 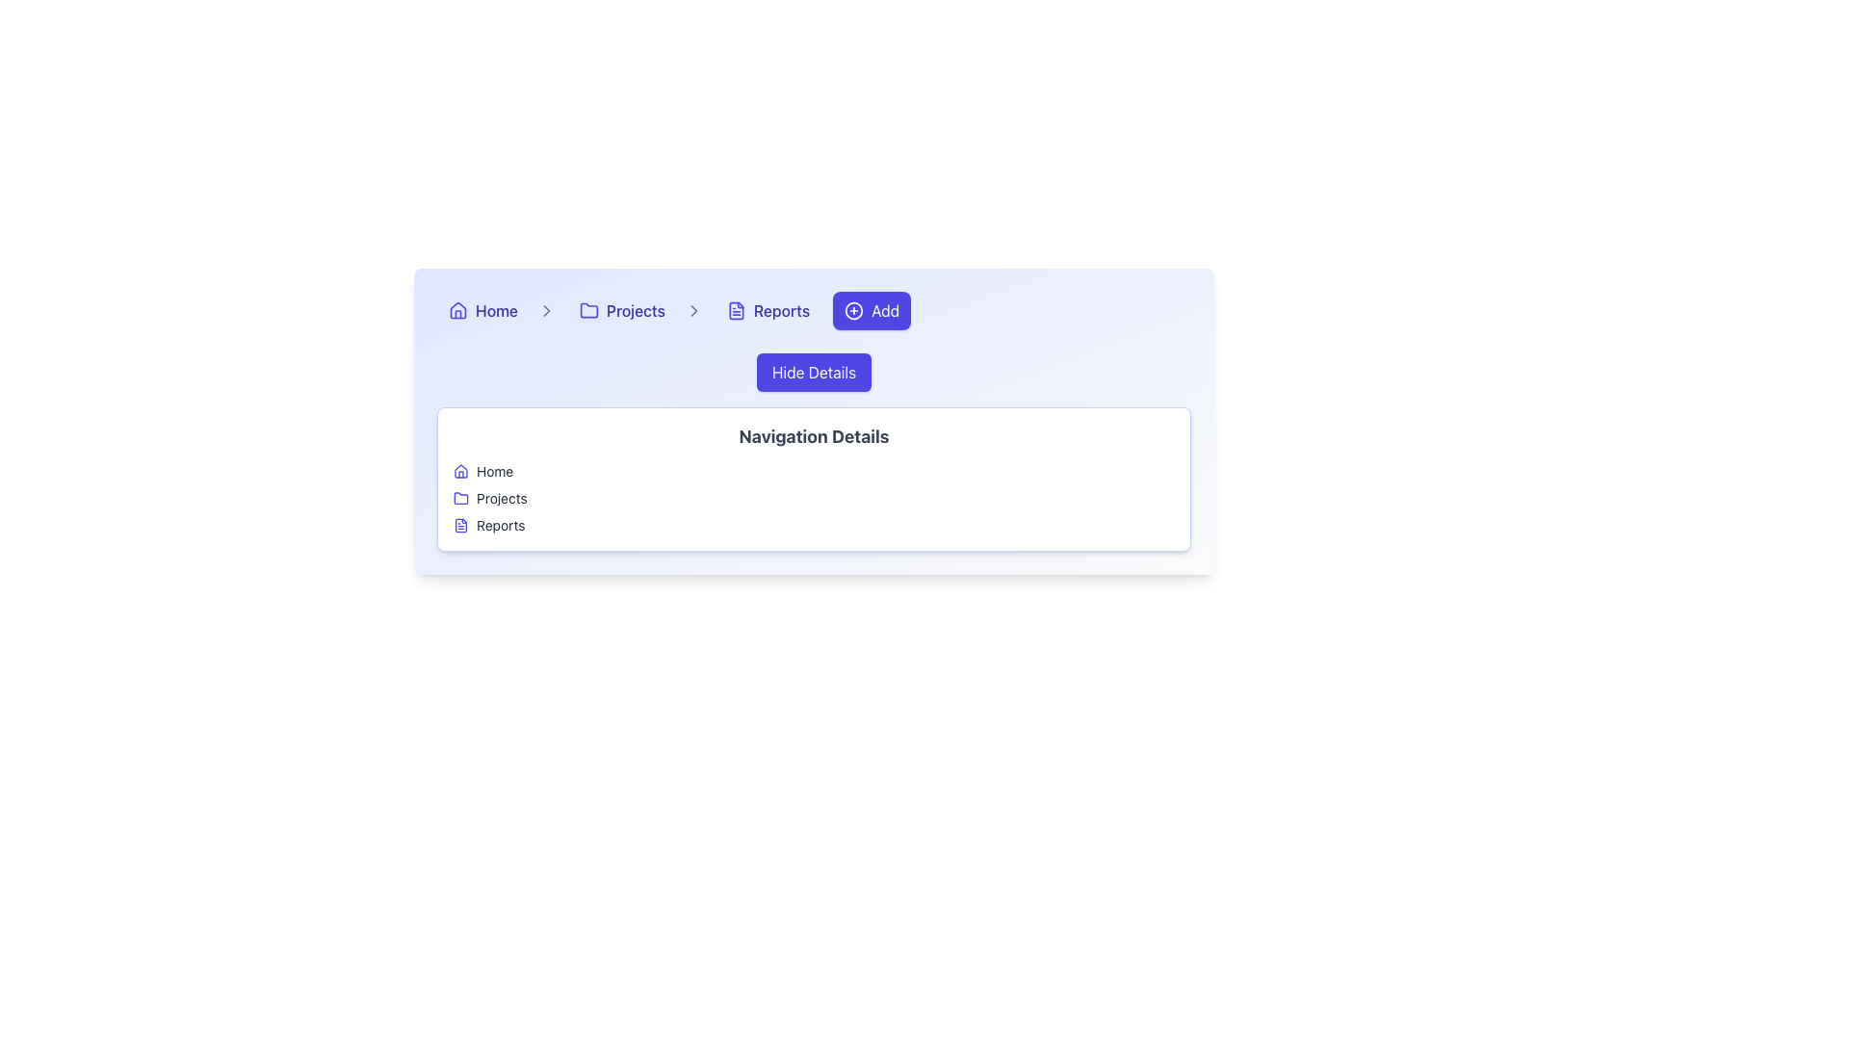 I want to click on the indigo house icon located in the top left corner of the navigation bar, adjacent to the 'Home' text label, so click(x=456, y=308).